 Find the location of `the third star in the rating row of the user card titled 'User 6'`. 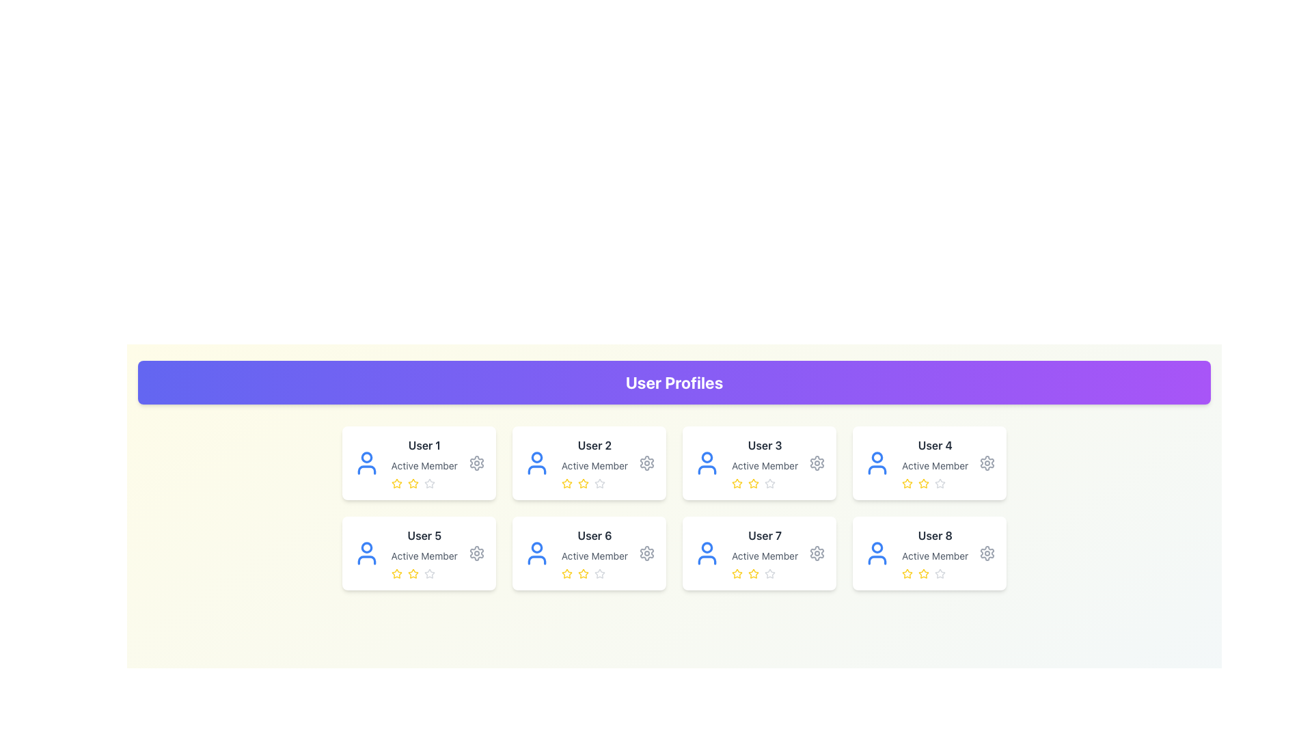

the third star in the rating row of the user card titled 'User 6' is located at coordinates (566, 573).